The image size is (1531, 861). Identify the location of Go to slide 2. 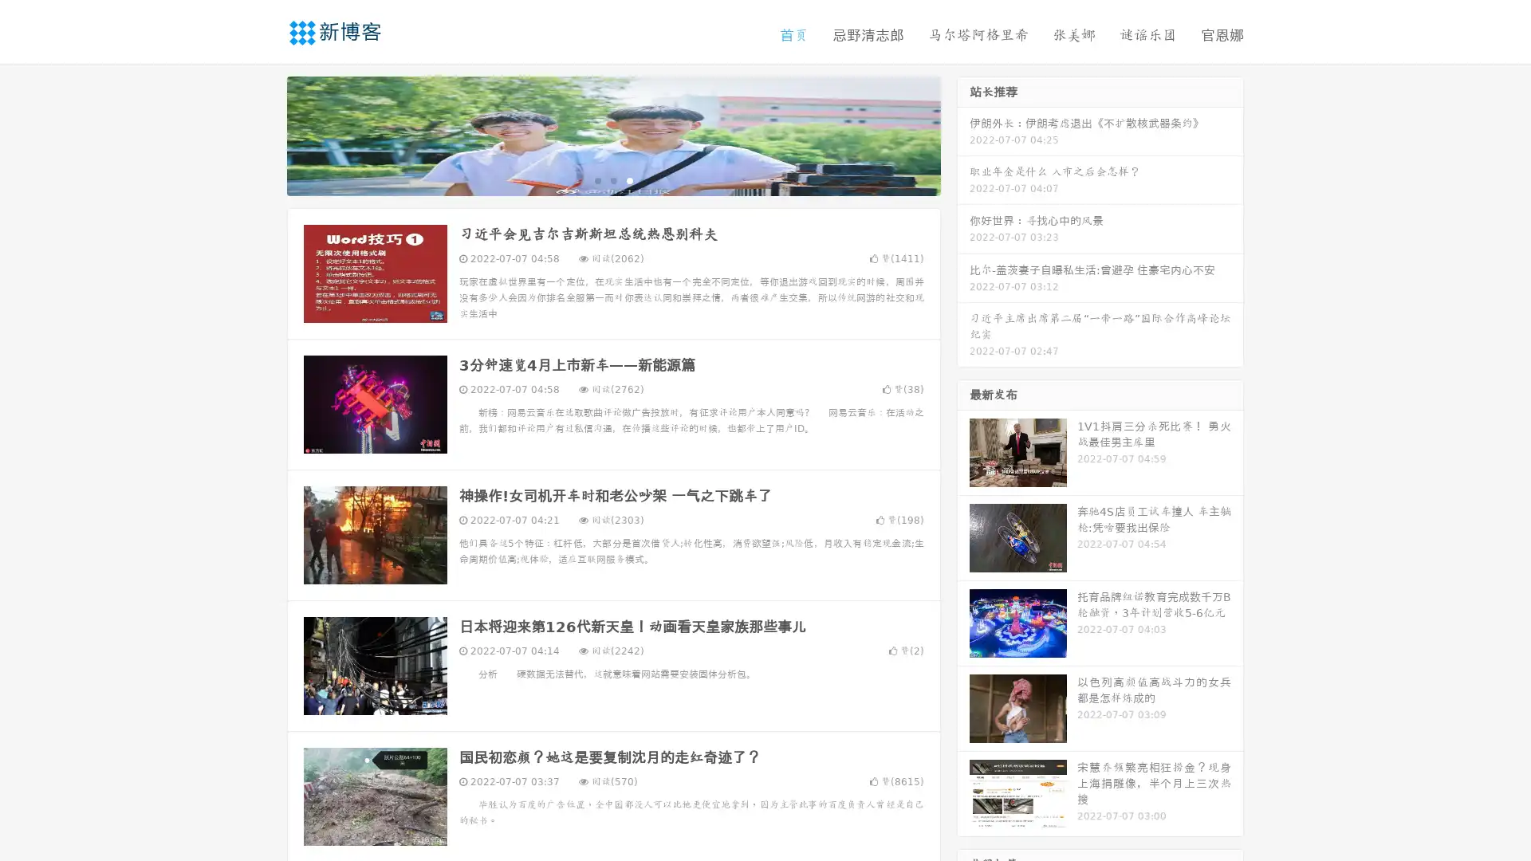
(612, 179).